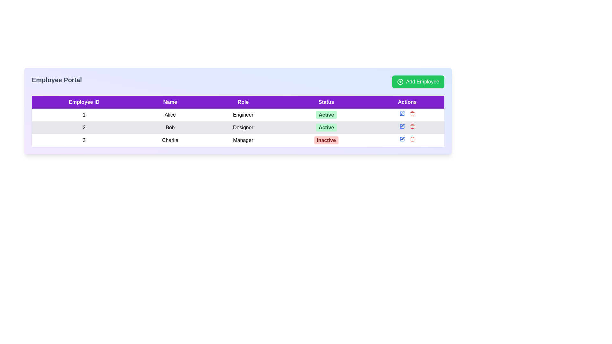 The image size is (612, 344). Describe the element at coordinates (170, 115) in the screenshot. I see `the Text label displaying the name 'Alice' in the first row of the table, located under the 'Name' column, between '1' (Employee ID) and 'Engineer' (Role)` at that location.